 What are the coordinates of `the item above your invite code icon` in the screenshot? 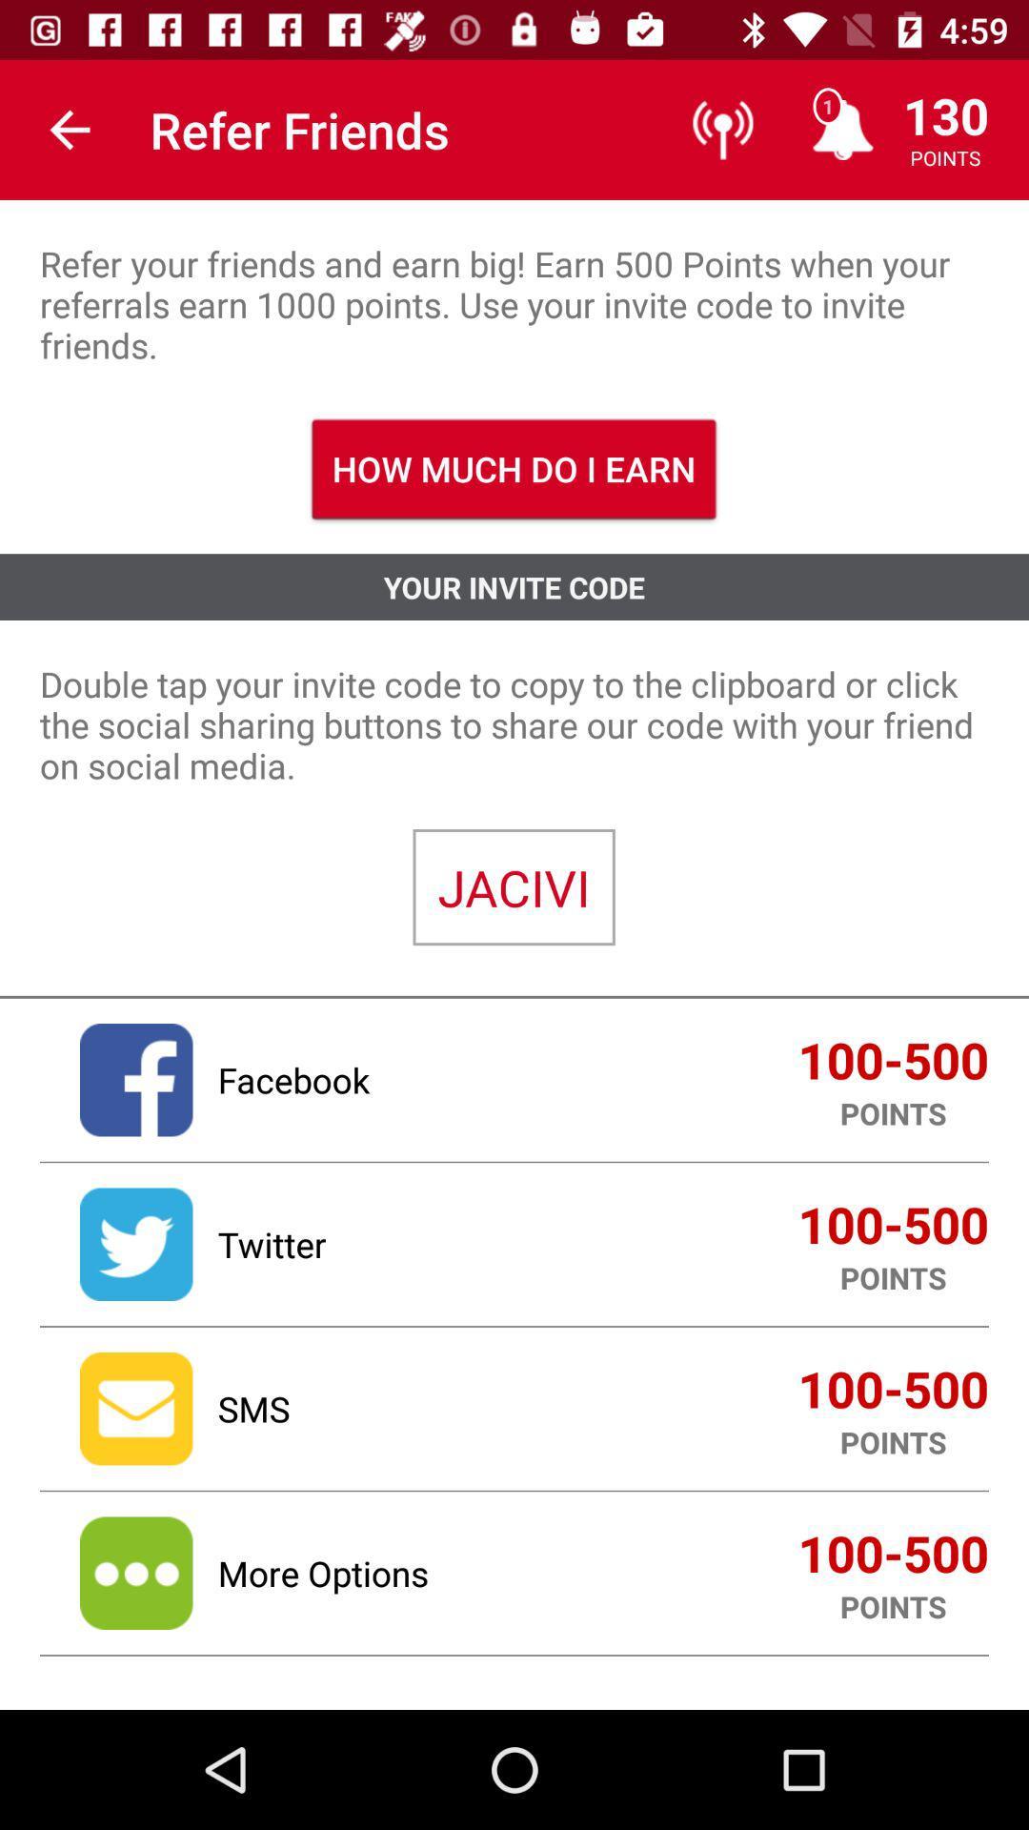 It's located at (513, 469).